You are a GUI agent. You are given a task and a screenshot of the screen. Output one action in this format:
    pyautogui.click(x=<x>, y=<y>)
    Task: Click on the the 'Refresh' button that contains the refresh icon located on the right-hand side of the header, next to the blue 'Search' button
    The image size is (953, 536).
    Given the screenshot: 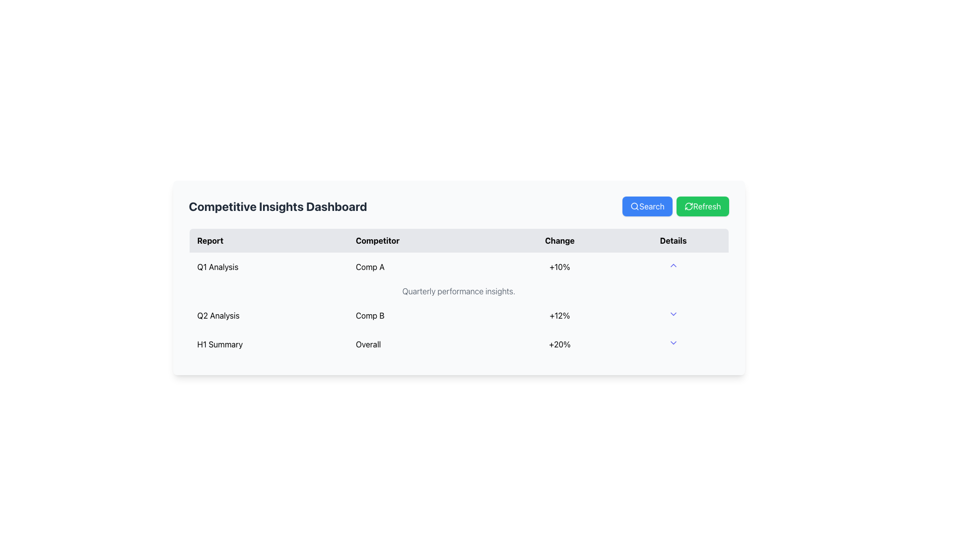 What is the action you would take?
    pyautogui.click(x=688, y=206)
    